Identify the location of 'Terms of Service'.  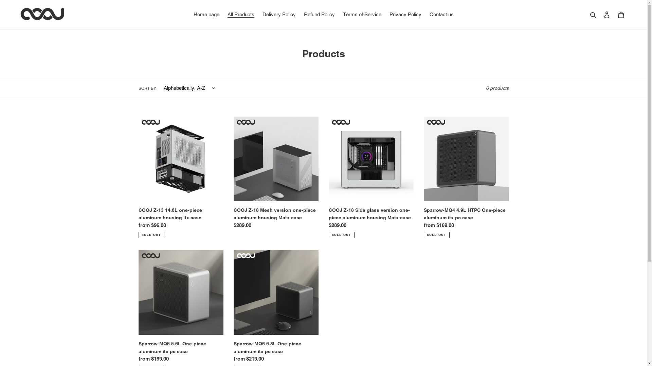
(362, 15).